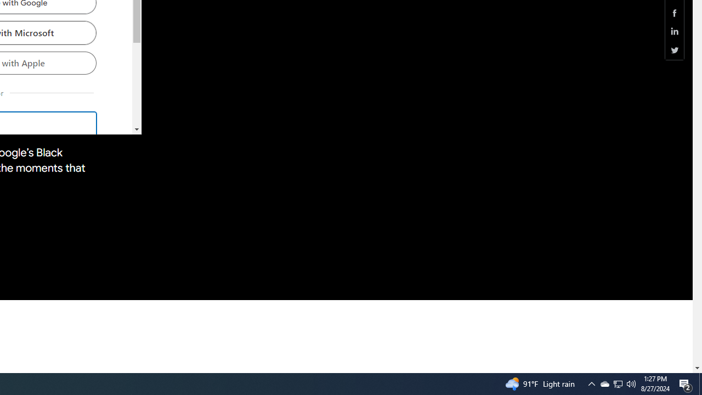 Image resolution: width=702 pixels, height=395 pixels. Describe the element at coordinates (700, 383) in the screenshot. I see `'Show desktop'` at that location.